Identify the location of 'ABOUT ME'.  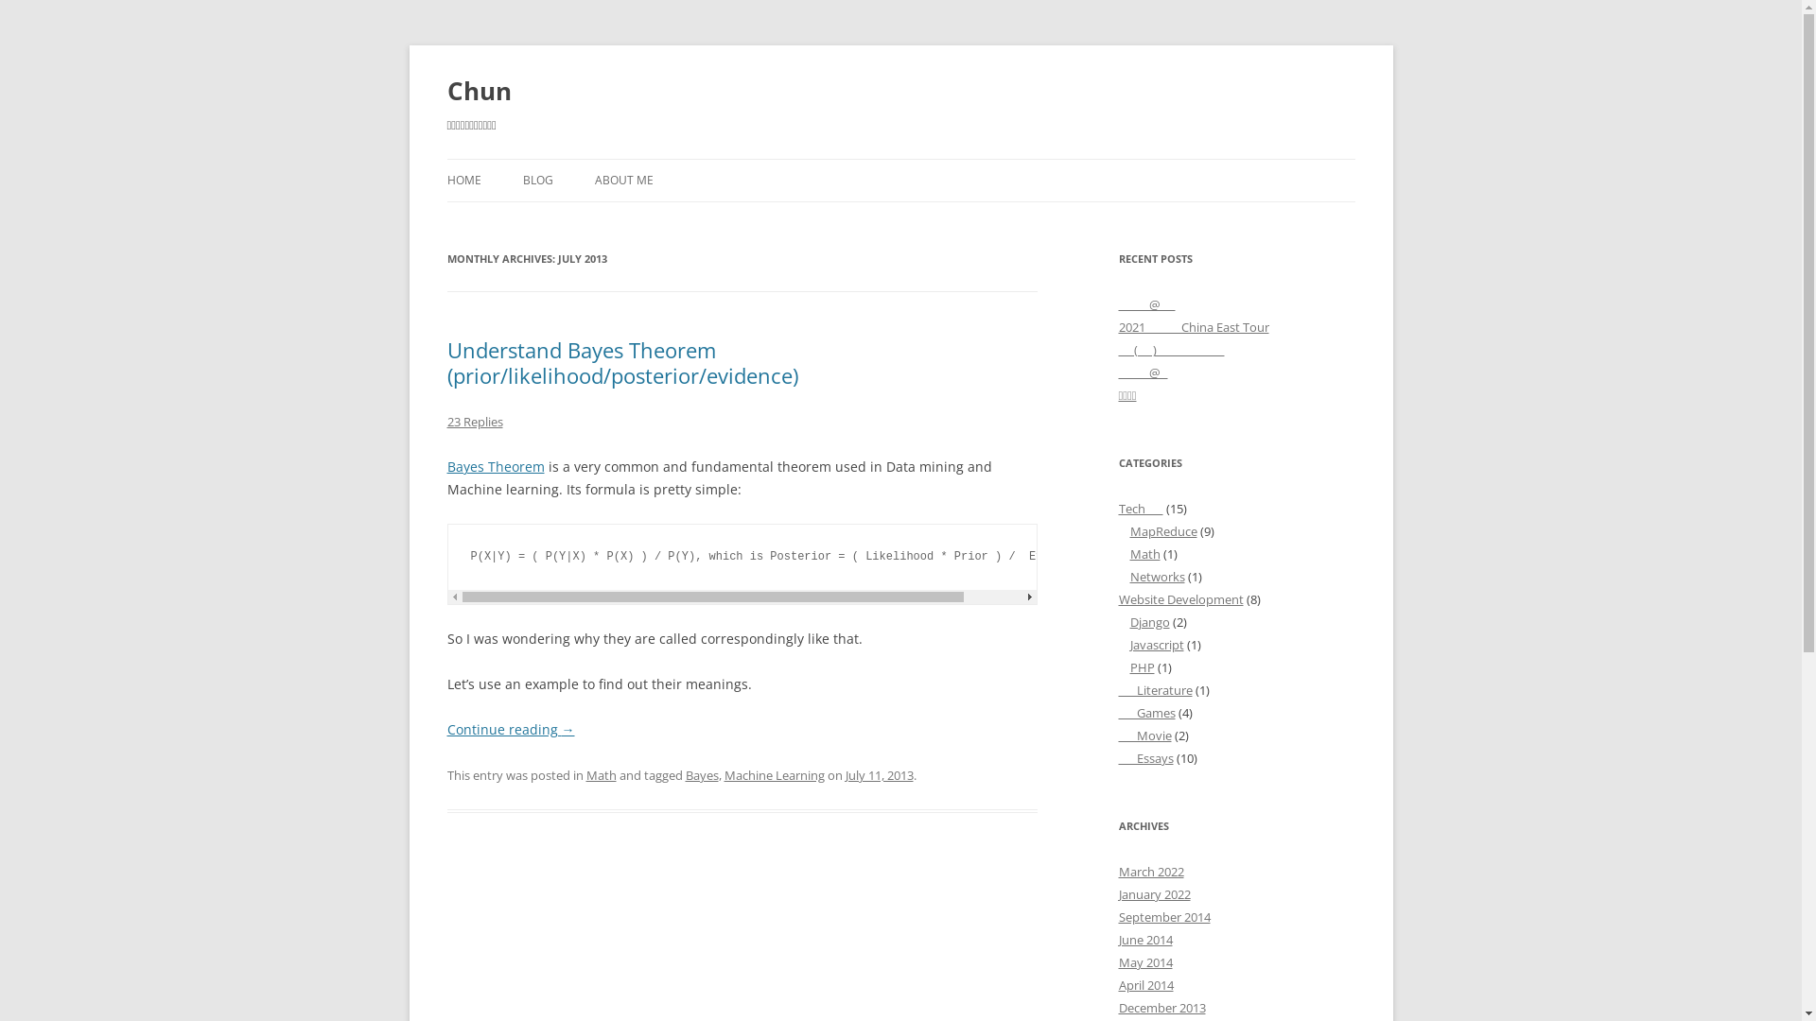
(622, 181).